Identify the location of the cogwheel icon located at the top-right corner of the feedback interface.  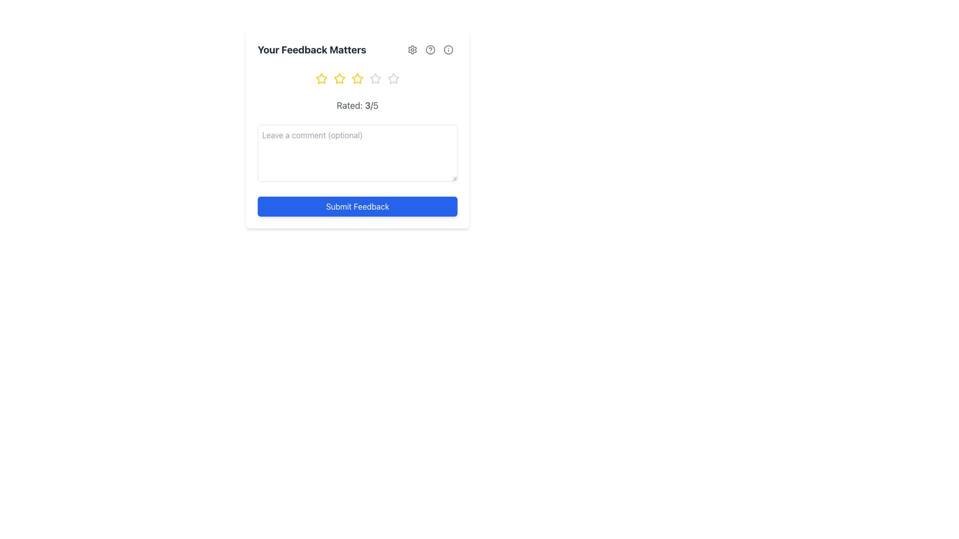
(412, 50).